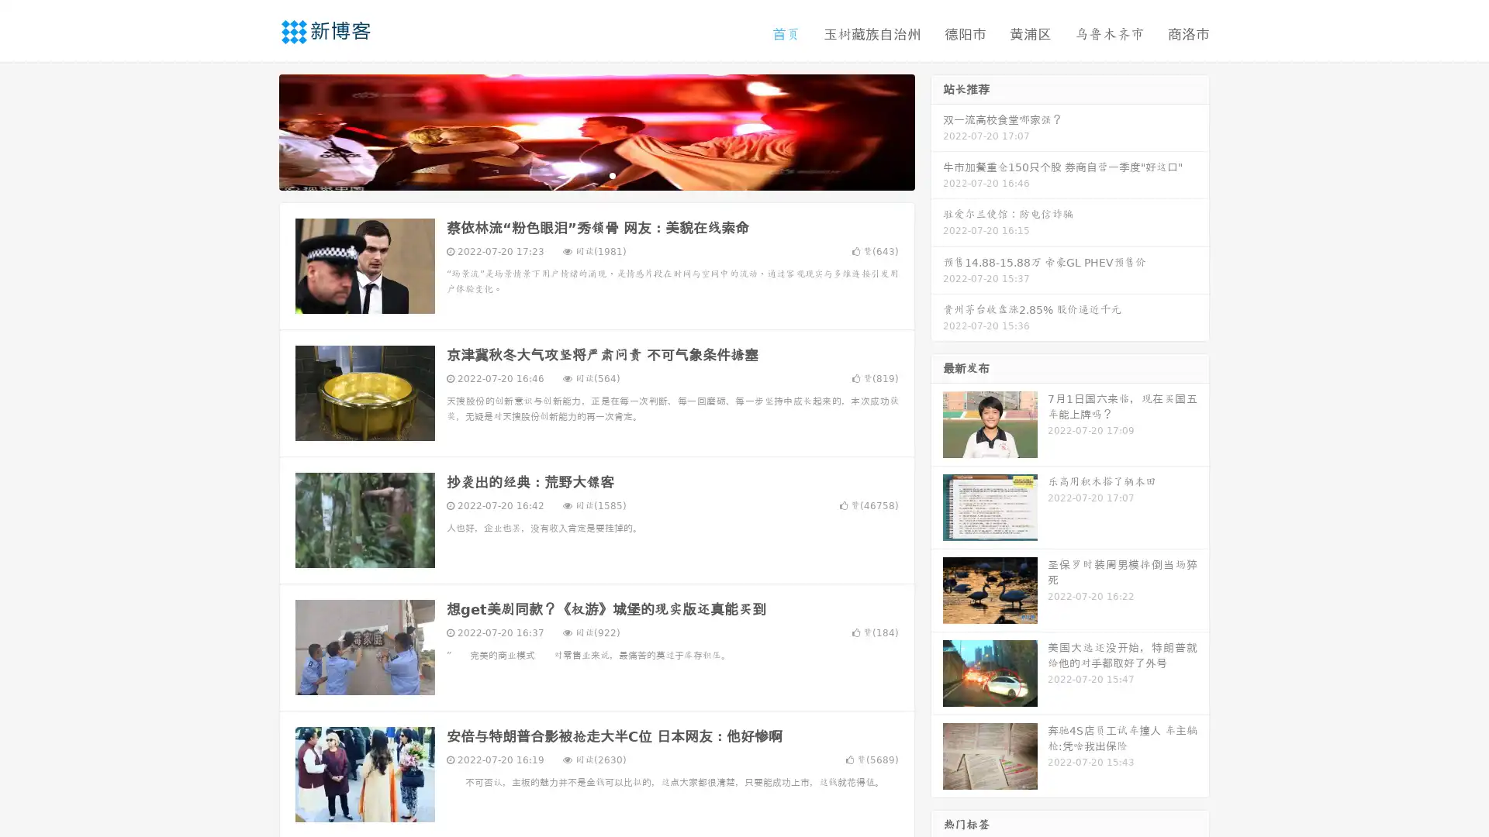  I want to click on Go to slide 2, so click(596, 174).